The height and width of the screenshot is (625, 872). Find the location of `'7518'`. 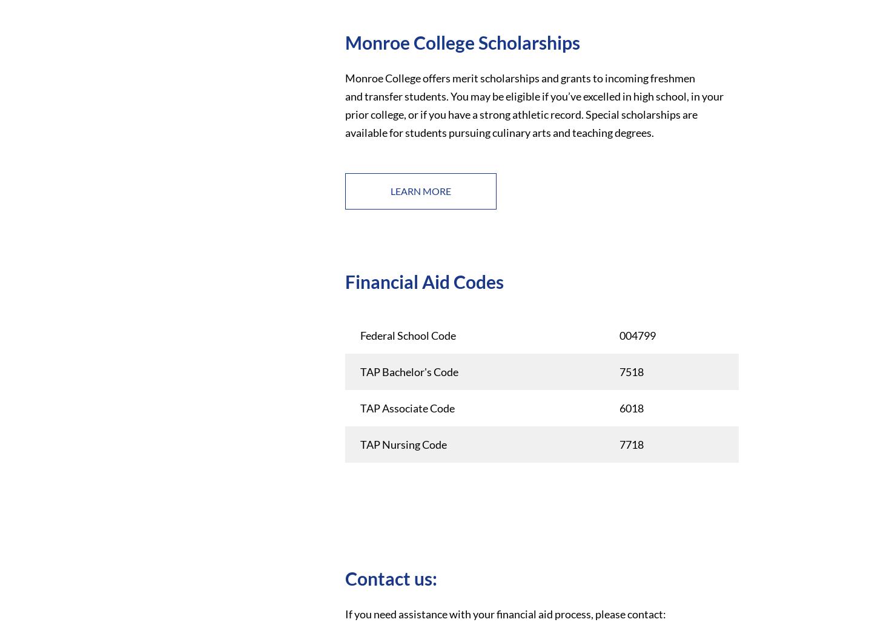

'7518' is located at coordinates (630, 371).